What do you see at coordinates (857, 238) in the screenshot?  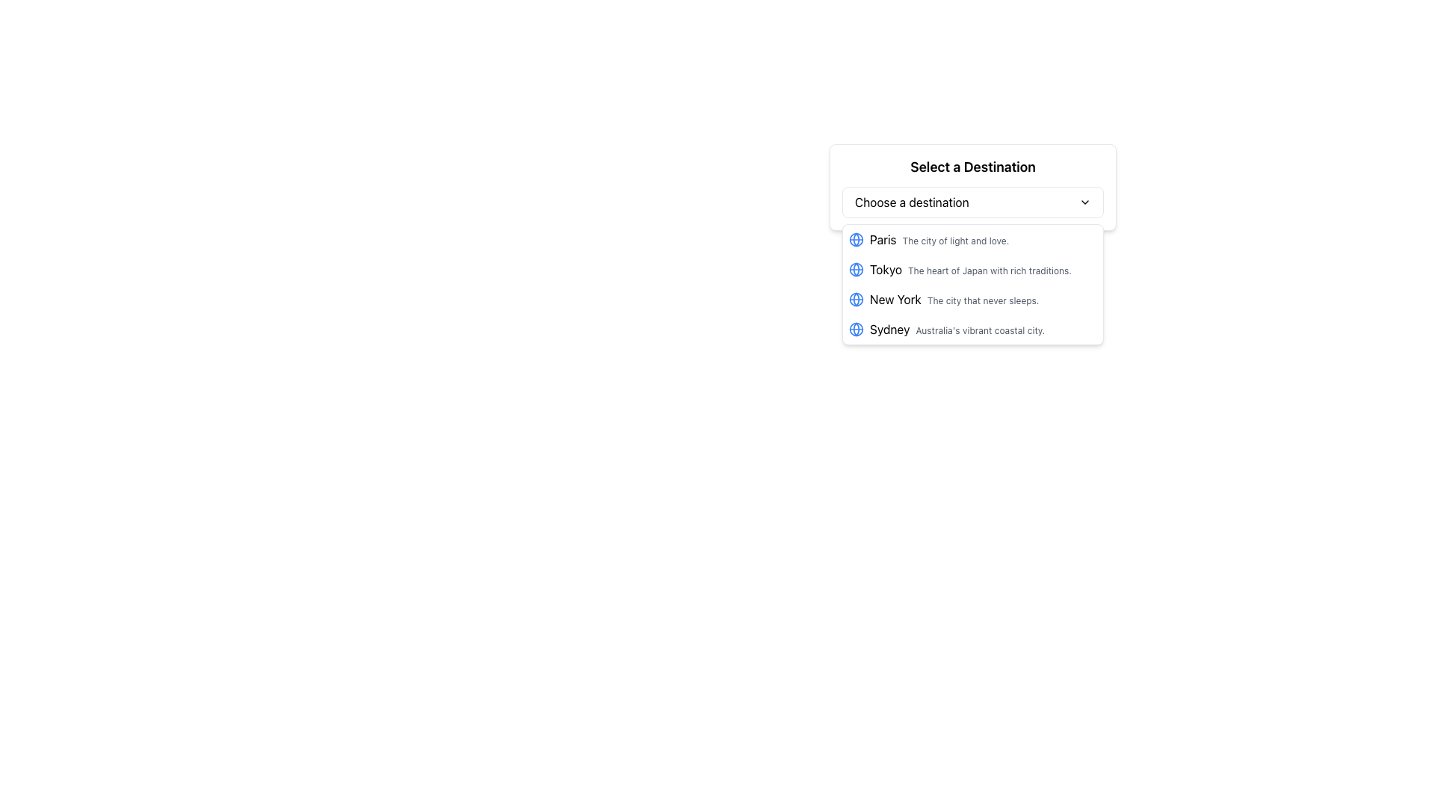 I see `the globe icon associated with the 'Paris' destination in the dropdown list` at bounding box center [857, 238].